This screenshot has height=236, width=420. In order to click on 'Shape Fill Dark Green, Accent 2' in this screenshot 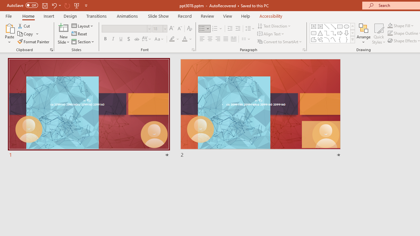, I will do `click(390, 25)`.